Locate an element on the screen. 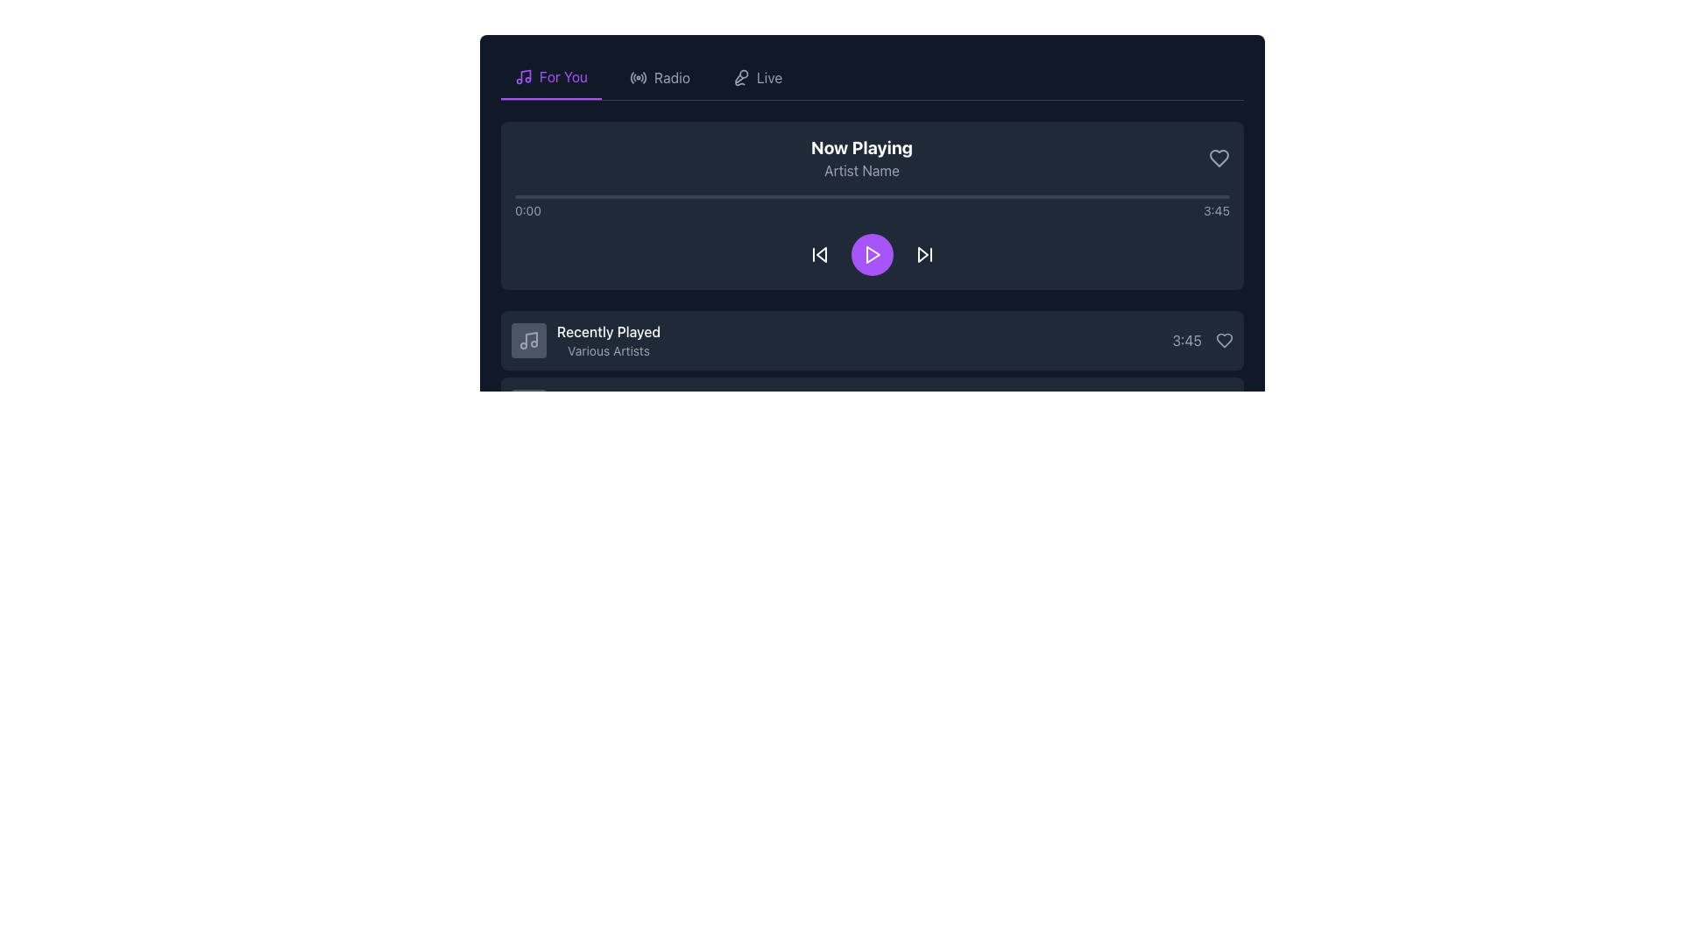 The height and width of the screenshot is (946, 1682). the bold text label 'Now Playing', which is centrally aligned at the top of the playback section, above the 'Artist Name' text is located at coordinates (861, 147).